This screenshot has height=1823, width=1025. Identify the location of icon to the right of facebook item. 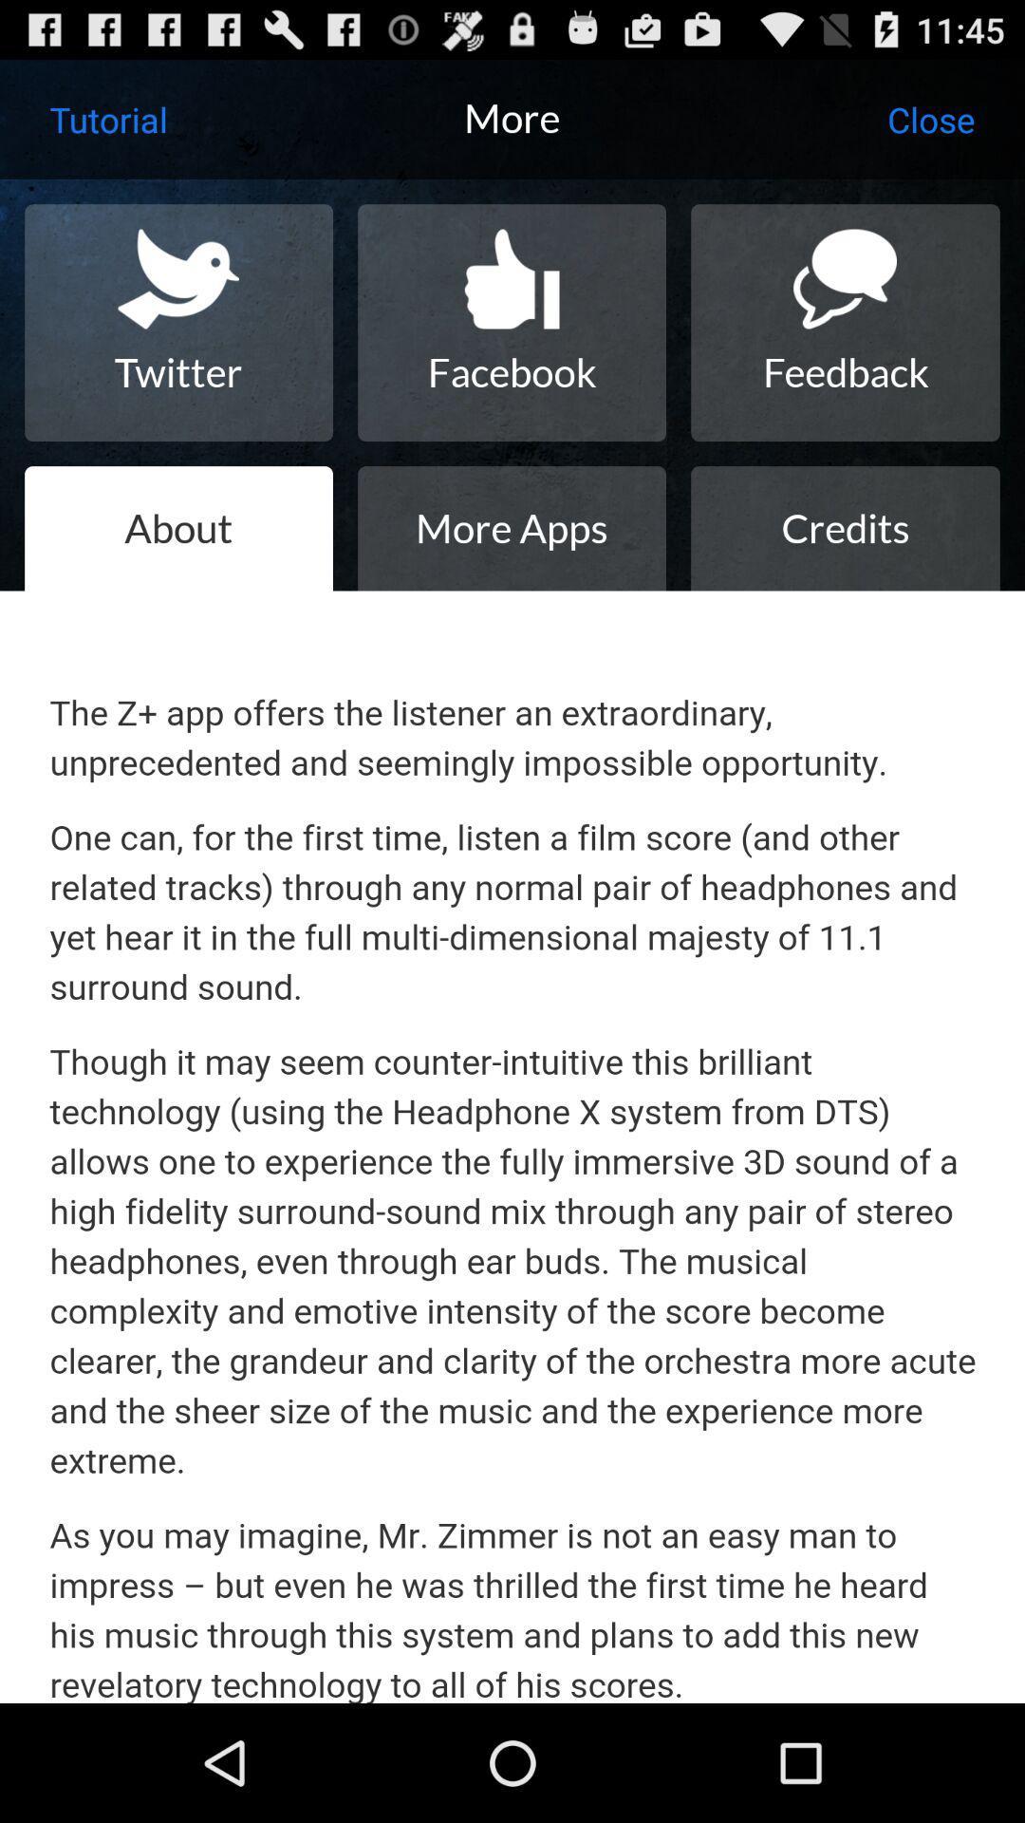
(845, 323).